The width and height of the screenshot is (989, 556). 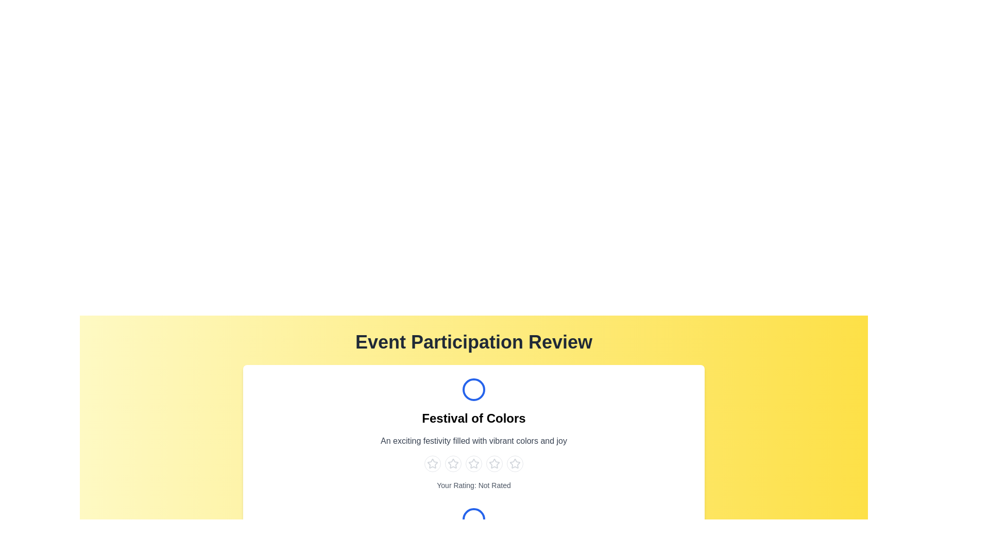 What do you see at coordinates (433, 464) in the screenshot?
I see `the star corresponding to the rating 1 for the event` at bounding box center [433, 464].